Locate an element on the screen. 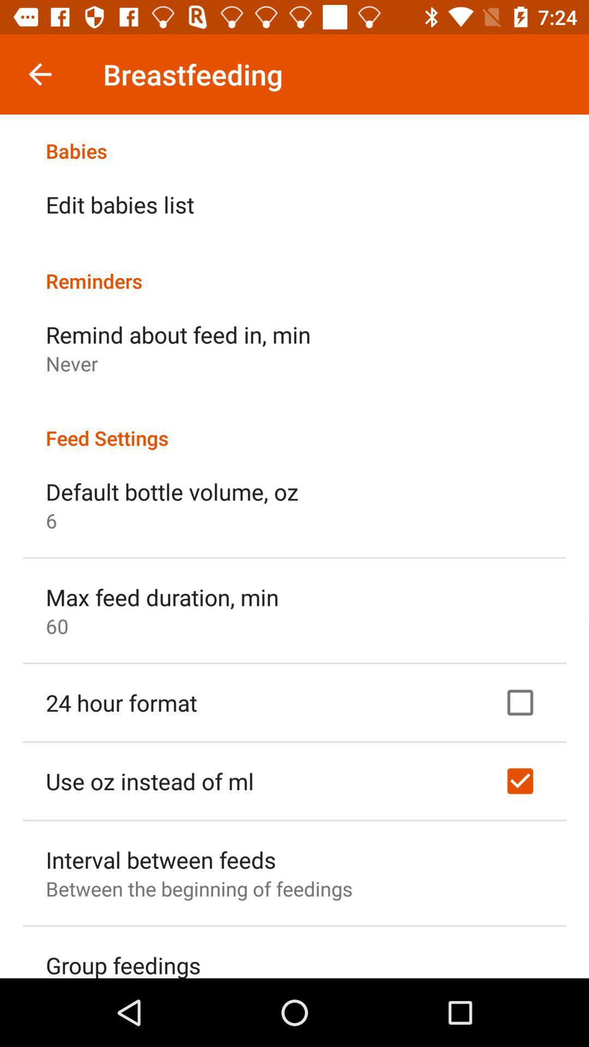 This screenshot has width=589, height=1047. the group feedings icon is located at coordinates (123, 964).